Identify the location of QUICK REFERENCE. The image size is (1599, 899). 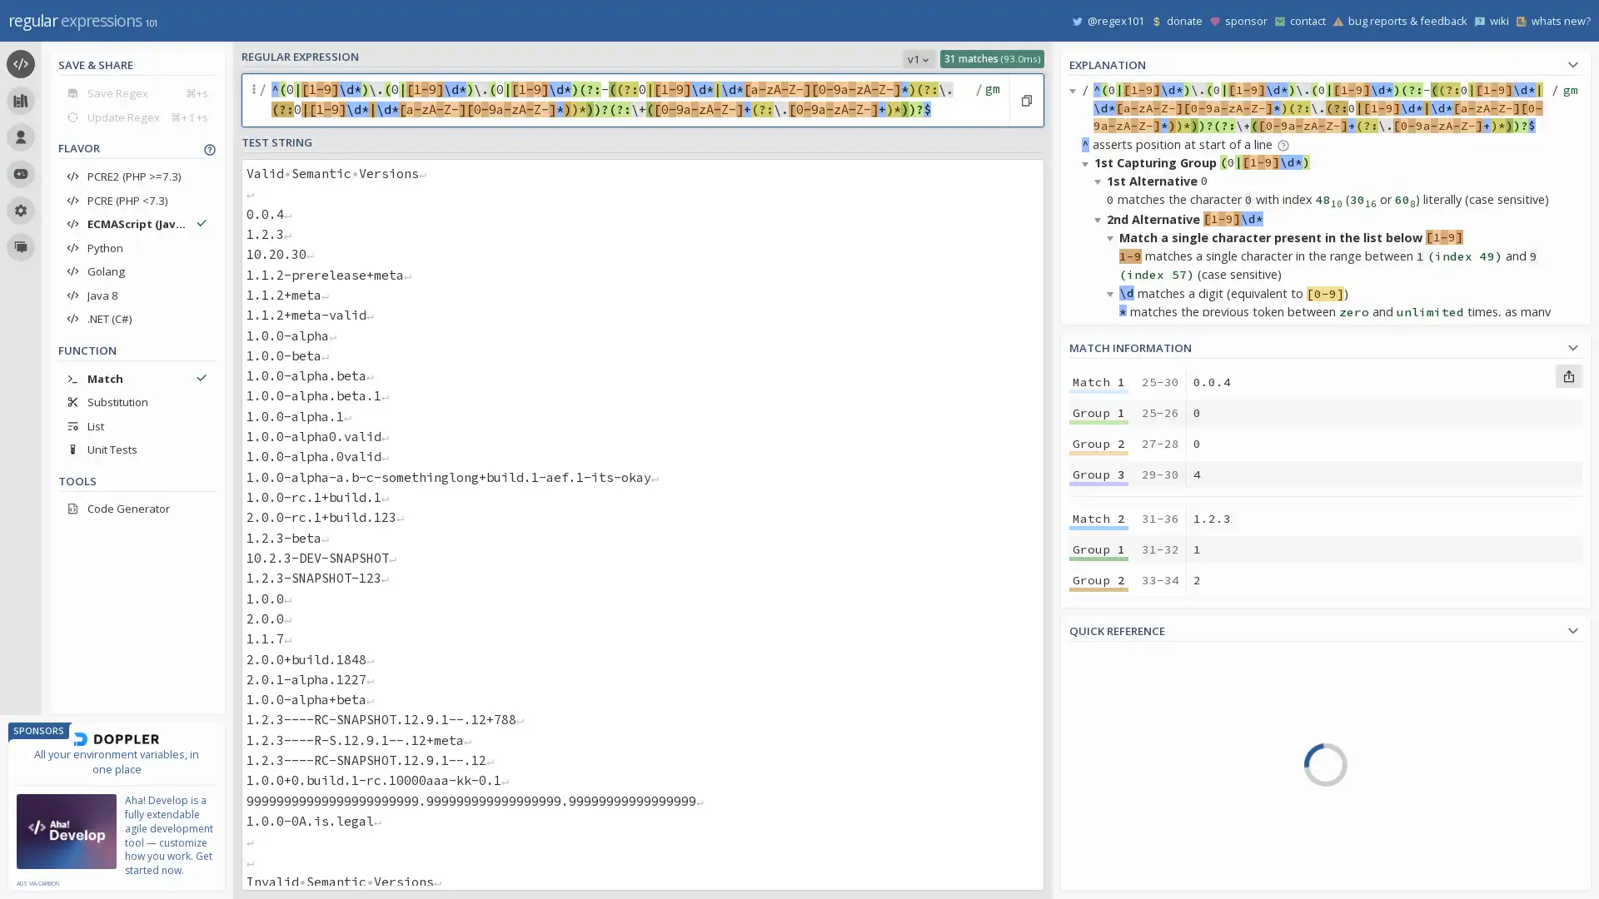
(1325, 628).